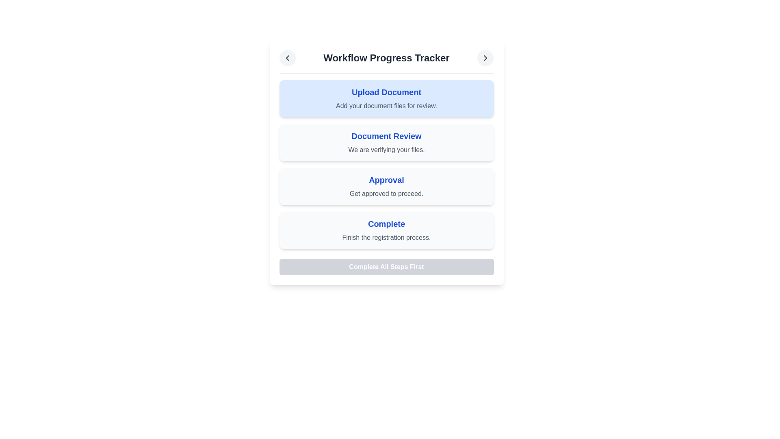 This screenshot has width=780, height=439. I want to click on the right-facing chevron icon inside the light gray circular button adjacent to the 'Workflow Progress Tracker' header, so click(485, 57).